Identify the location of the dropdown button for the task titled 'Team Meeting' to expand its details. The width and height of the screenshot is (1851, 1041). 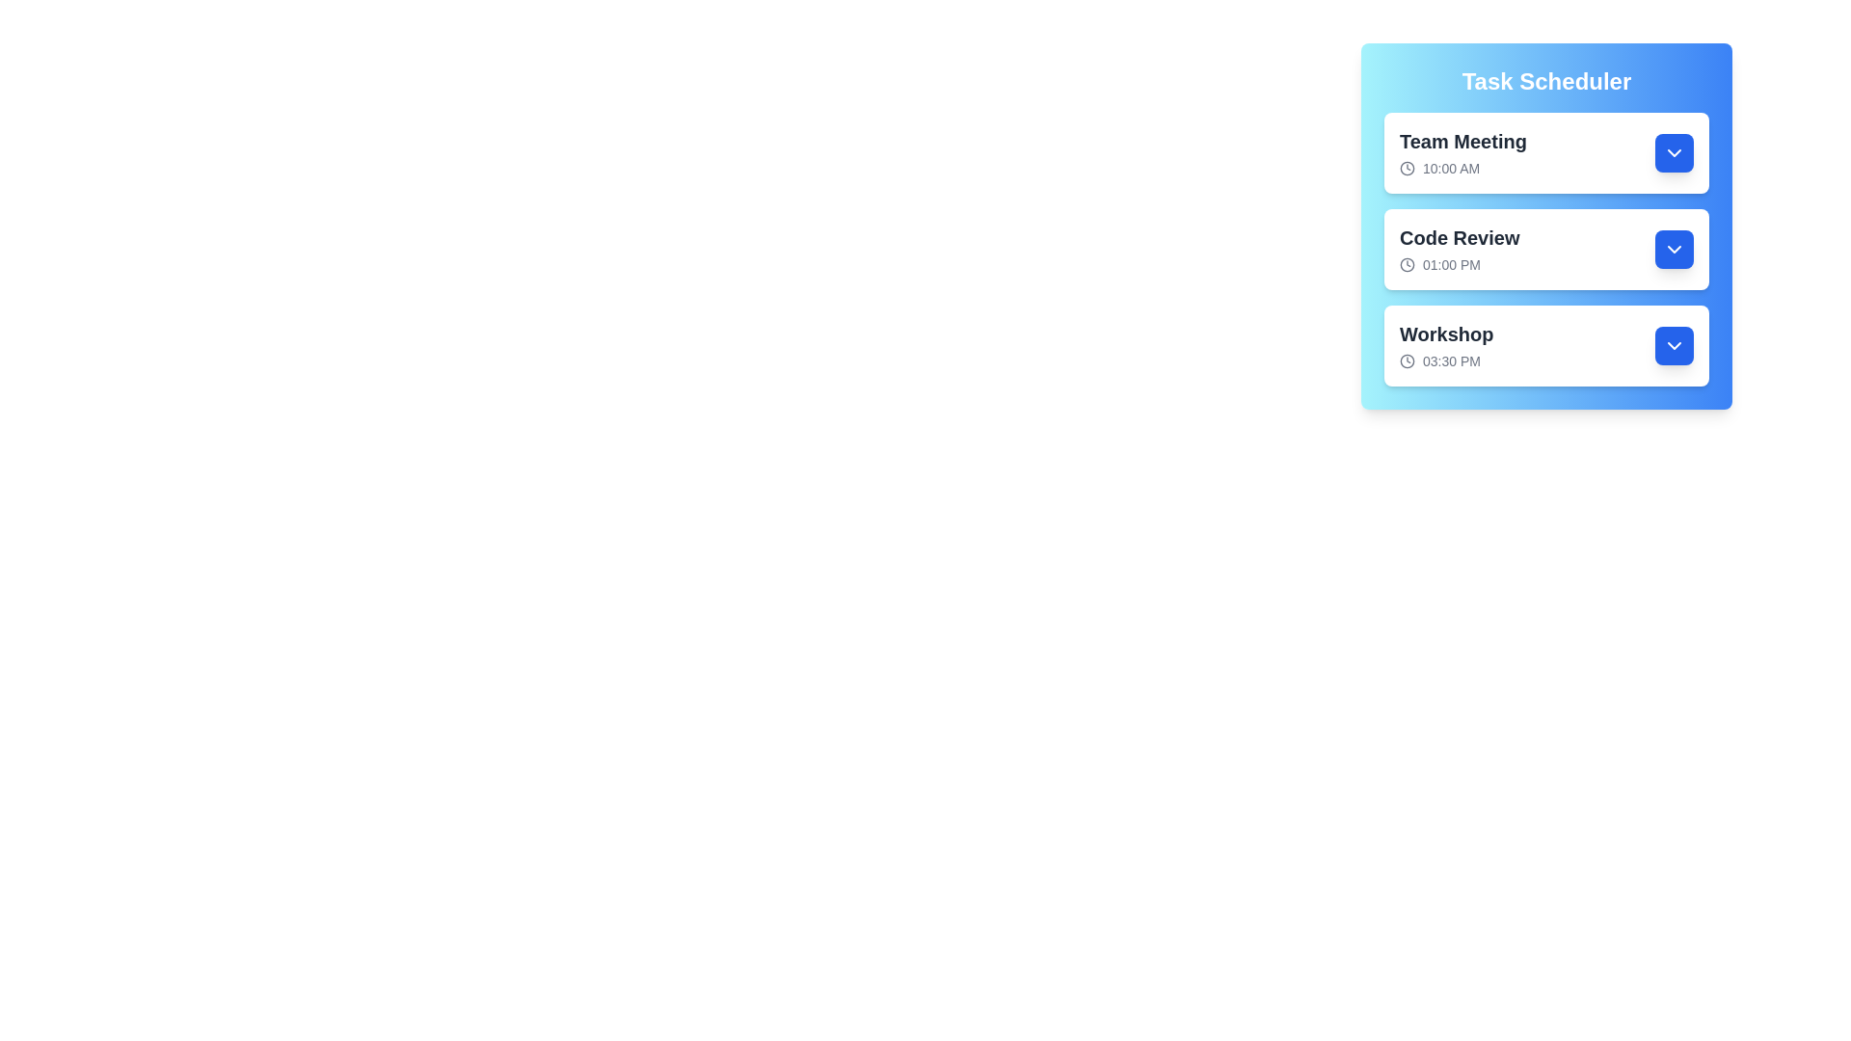
(1674, 151).